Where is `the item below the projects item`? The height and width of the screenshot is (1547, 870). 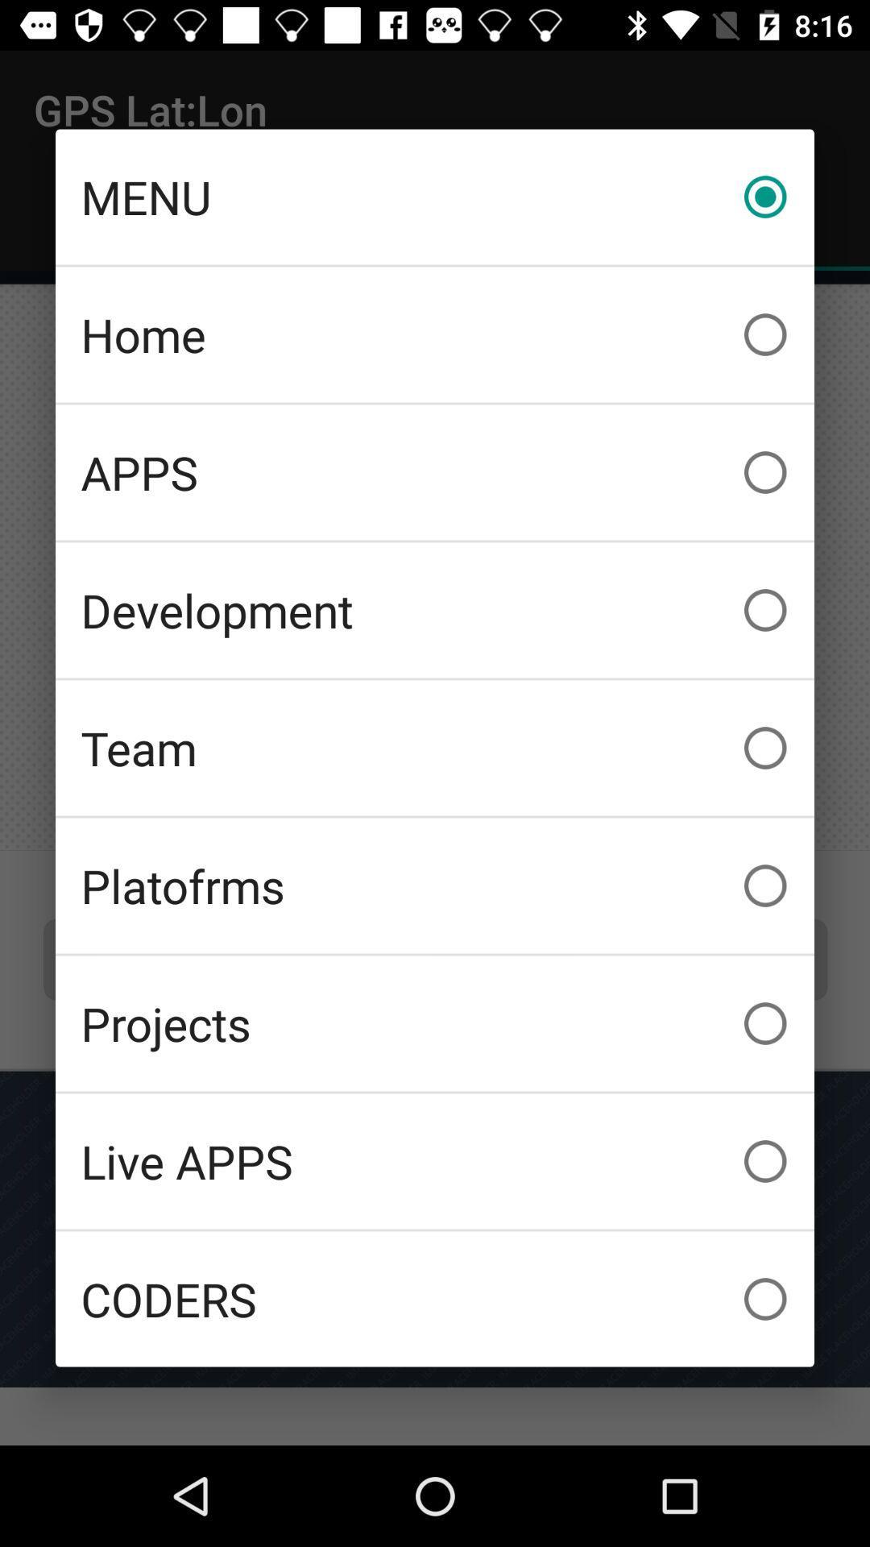
the item below the projects item is located at coordinates (435, 1161).